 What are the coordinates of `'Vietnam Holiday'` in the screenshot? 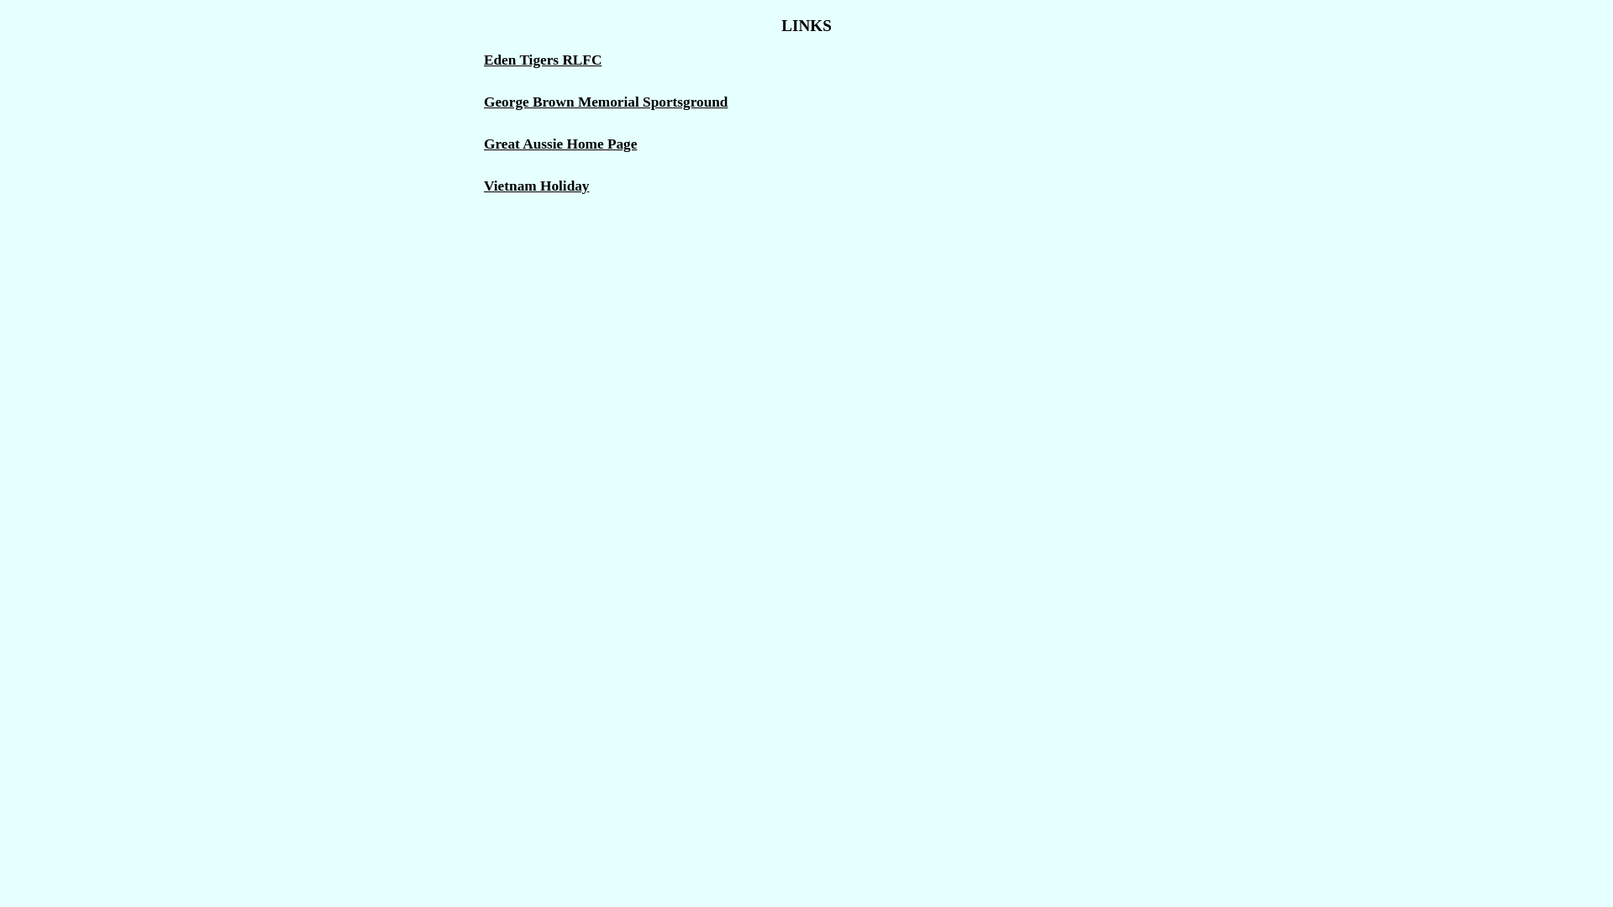 It's located at (483, 186).